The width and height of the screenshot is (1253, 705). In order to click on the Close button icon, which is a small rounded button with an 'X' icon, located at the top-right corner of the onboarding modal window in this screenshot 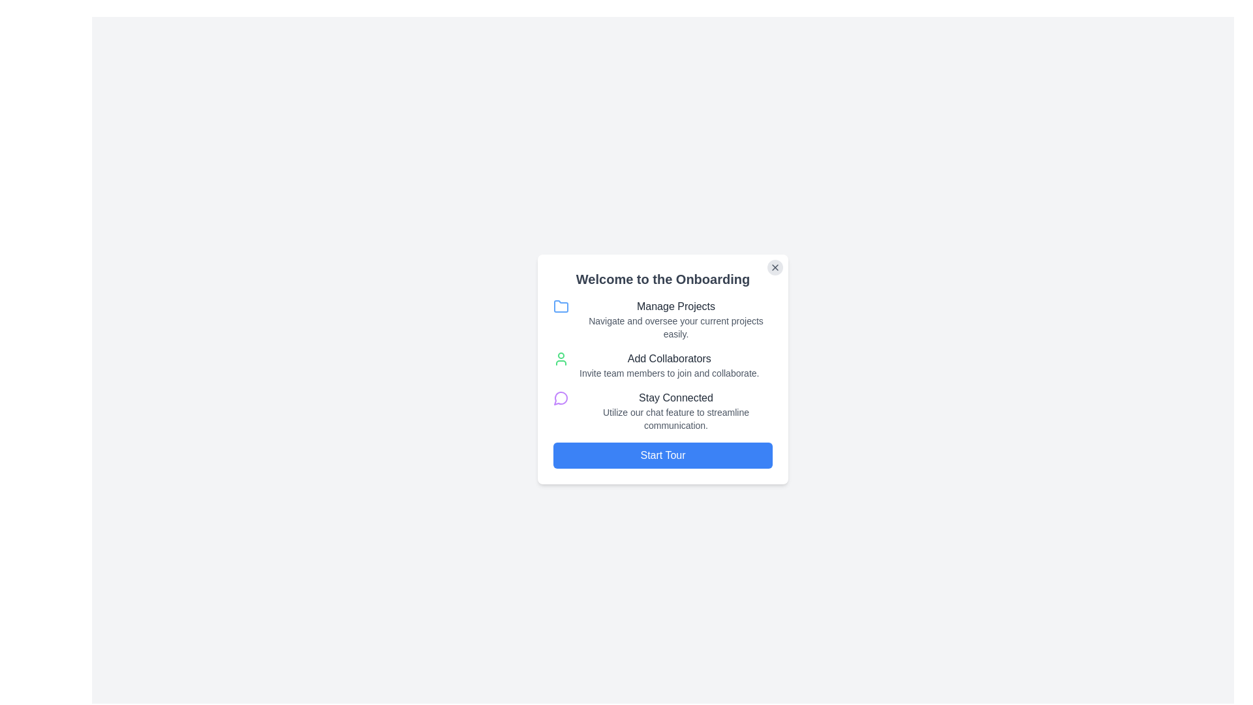, I will do `click(775, 266)`.